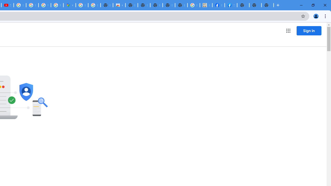  I want to click on 'Sign Up for Facebook', so click(230, 5).